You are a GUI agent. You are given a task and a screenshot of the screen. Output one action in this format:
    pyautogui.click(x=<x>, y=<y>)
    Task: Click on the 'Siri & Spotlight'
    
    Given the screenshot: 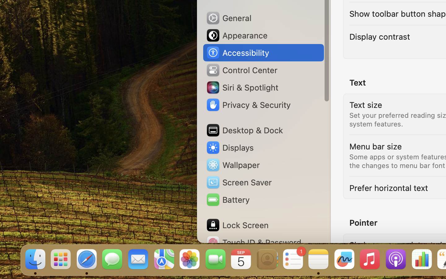 What is the action you would take?
    pyautogui.click(x=242, y=87)
    